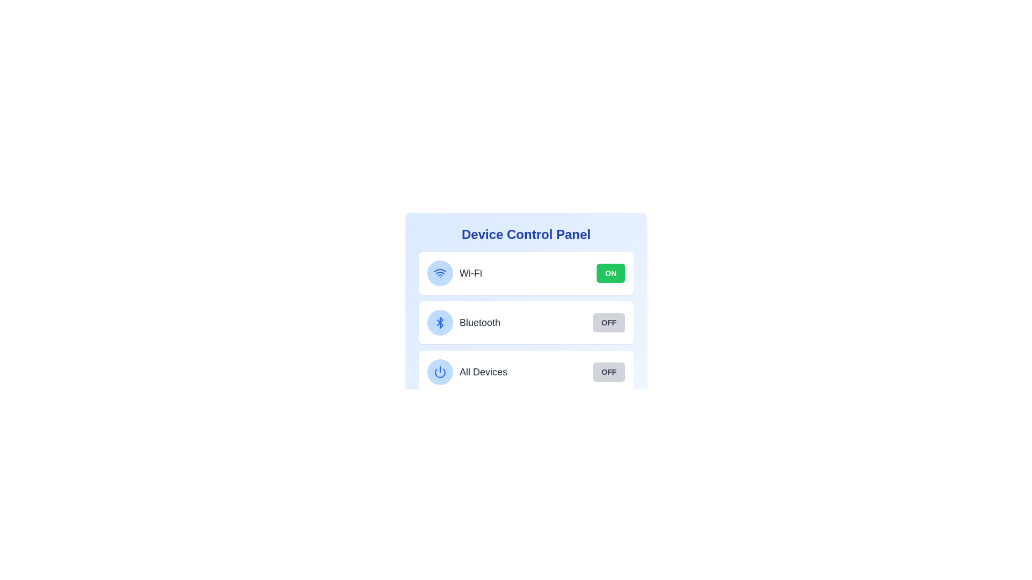  I want to click on the toggle button for 'All Devices' located on the right side of the row in the 'Device Control Panel', so click(608, 372).